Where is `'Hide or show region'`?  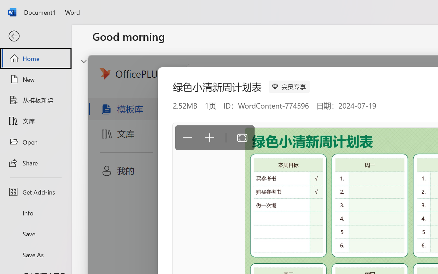
'Hide or show region' is located at coordinates (83, 61).